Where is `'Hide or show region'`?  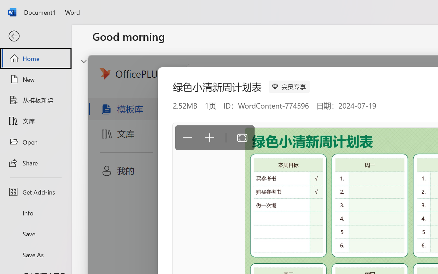
'Hide or show region' is located at coordinates (83, 61).